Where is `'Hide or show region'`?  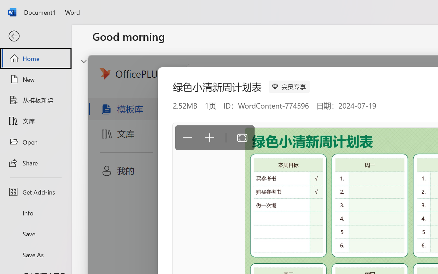
'Hide or show region' is located at coordinates (83, 61).